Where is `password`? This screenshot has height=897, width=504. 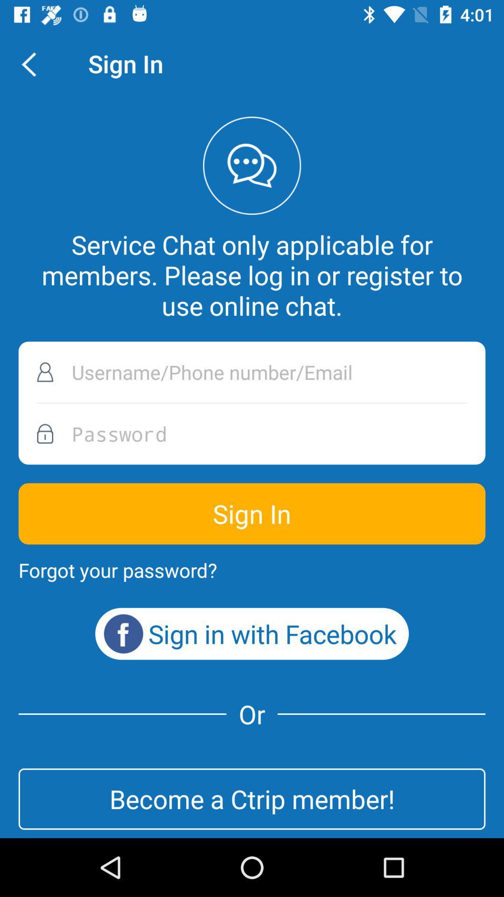 password is located at coordinates (252, 433).